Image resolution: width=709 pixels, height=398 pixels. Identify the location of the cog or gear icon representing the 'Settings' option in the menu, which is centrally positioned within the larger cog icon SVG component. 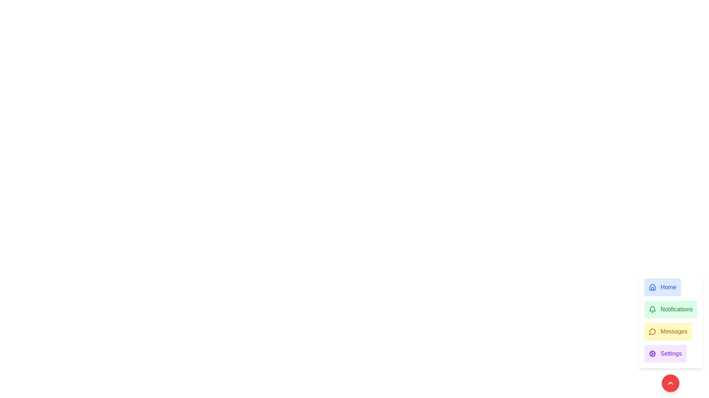
(652, 353).